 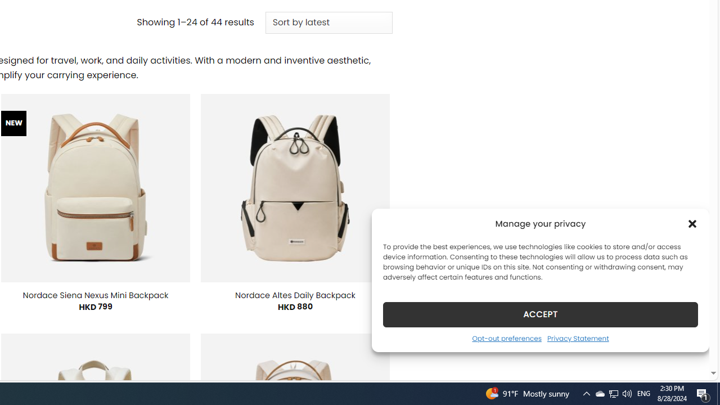 What do you see at coordinates (506, 337) in the screenshot?
I see `'Opt-out preferences'` at bounding box center [506, 337].